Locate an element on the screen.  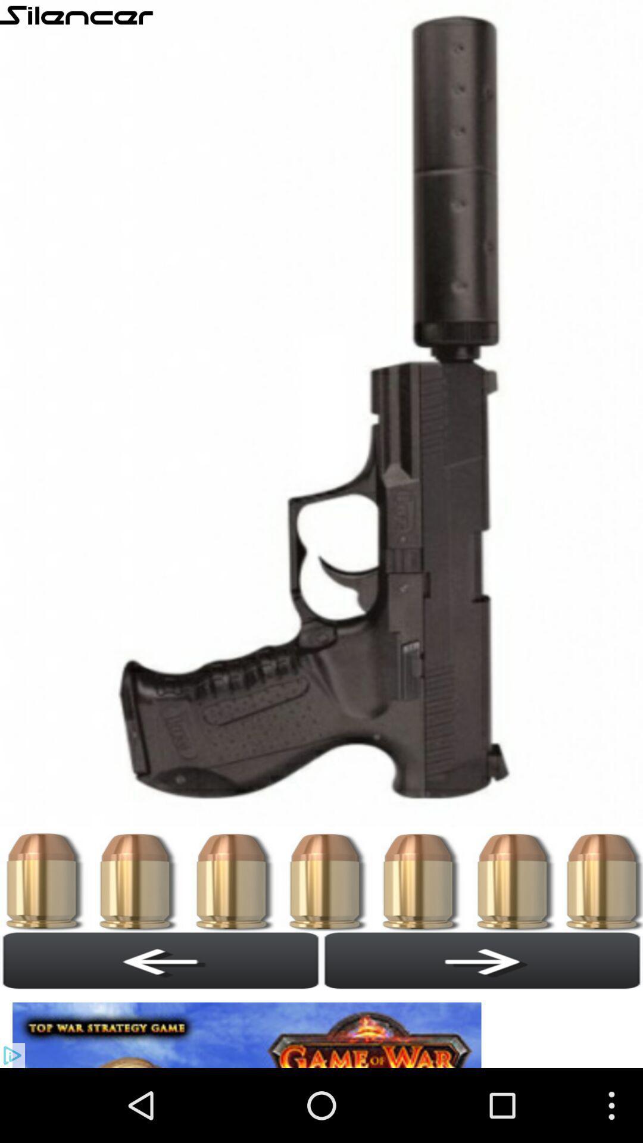
website is located at coordinates (249, 1028).